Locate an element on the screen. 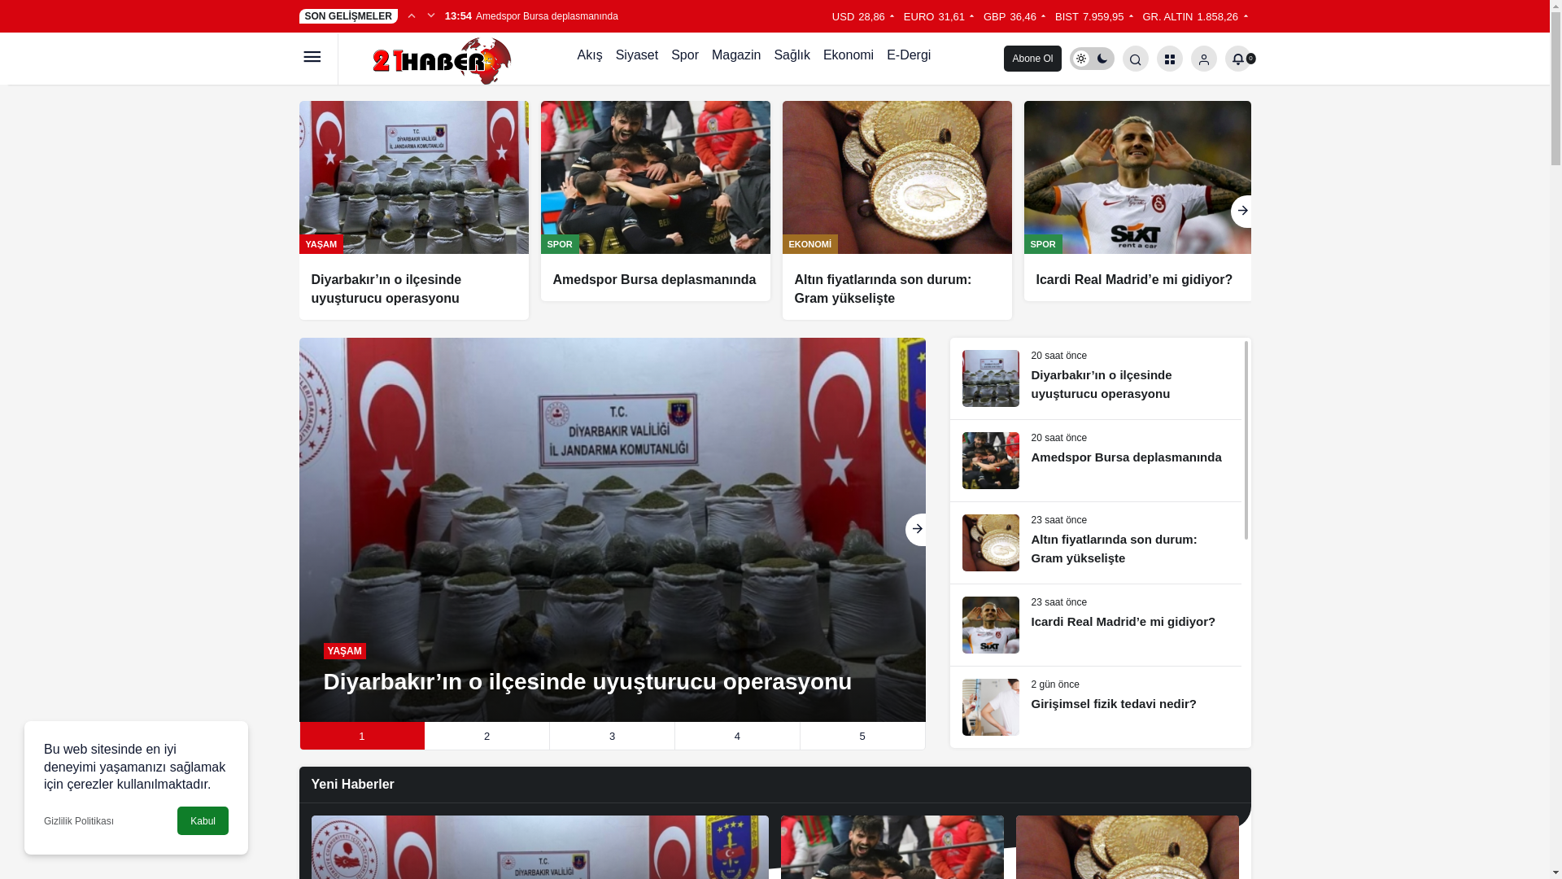 The image size is (1562, 879). 'SPOR' is located at coordinates (559, 244).